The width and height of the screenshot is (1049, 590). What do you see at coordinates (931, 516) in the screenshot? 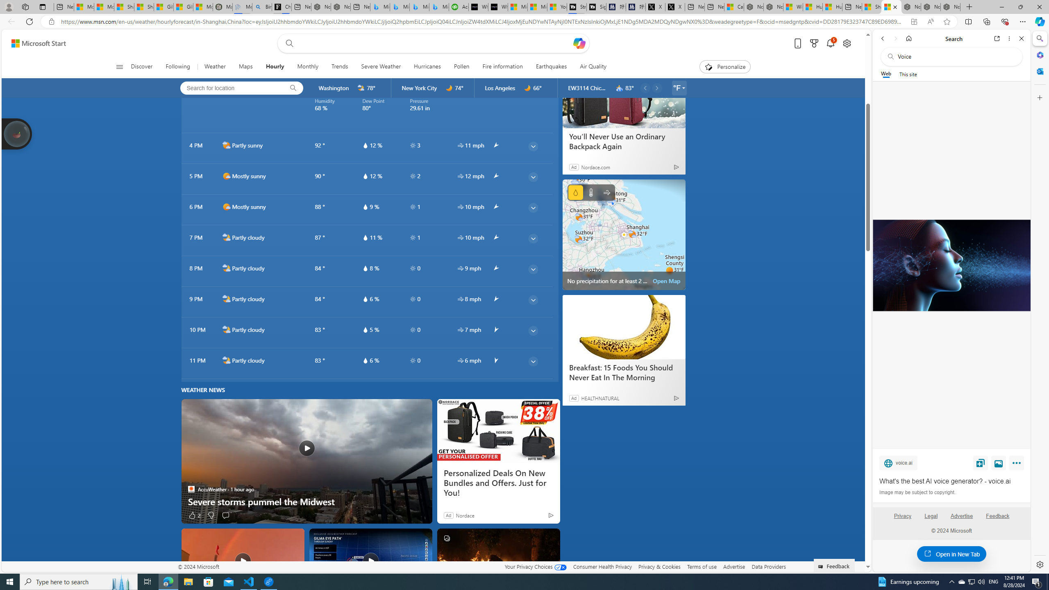
I see `'Legal'` at bounding box center [931, 516].